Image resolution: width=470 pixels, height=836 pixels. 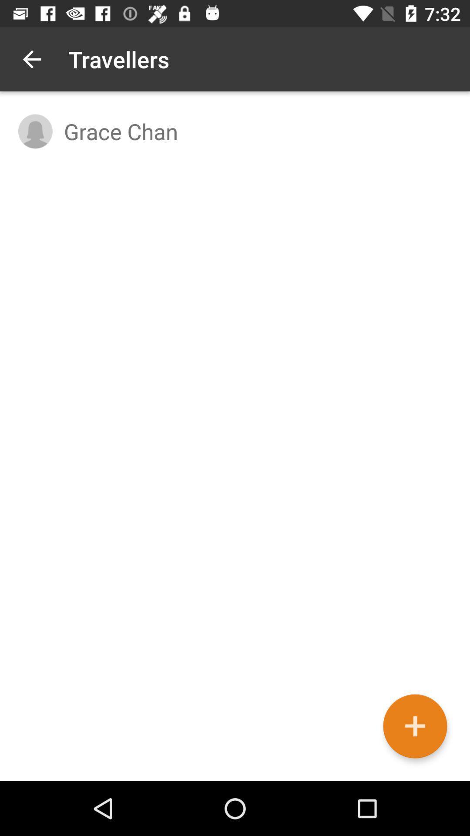 What do you see at coordinates (31, 59) in the screenshot?
I see `icon to the left of the travellers icon` at bounding box center [31, 59].